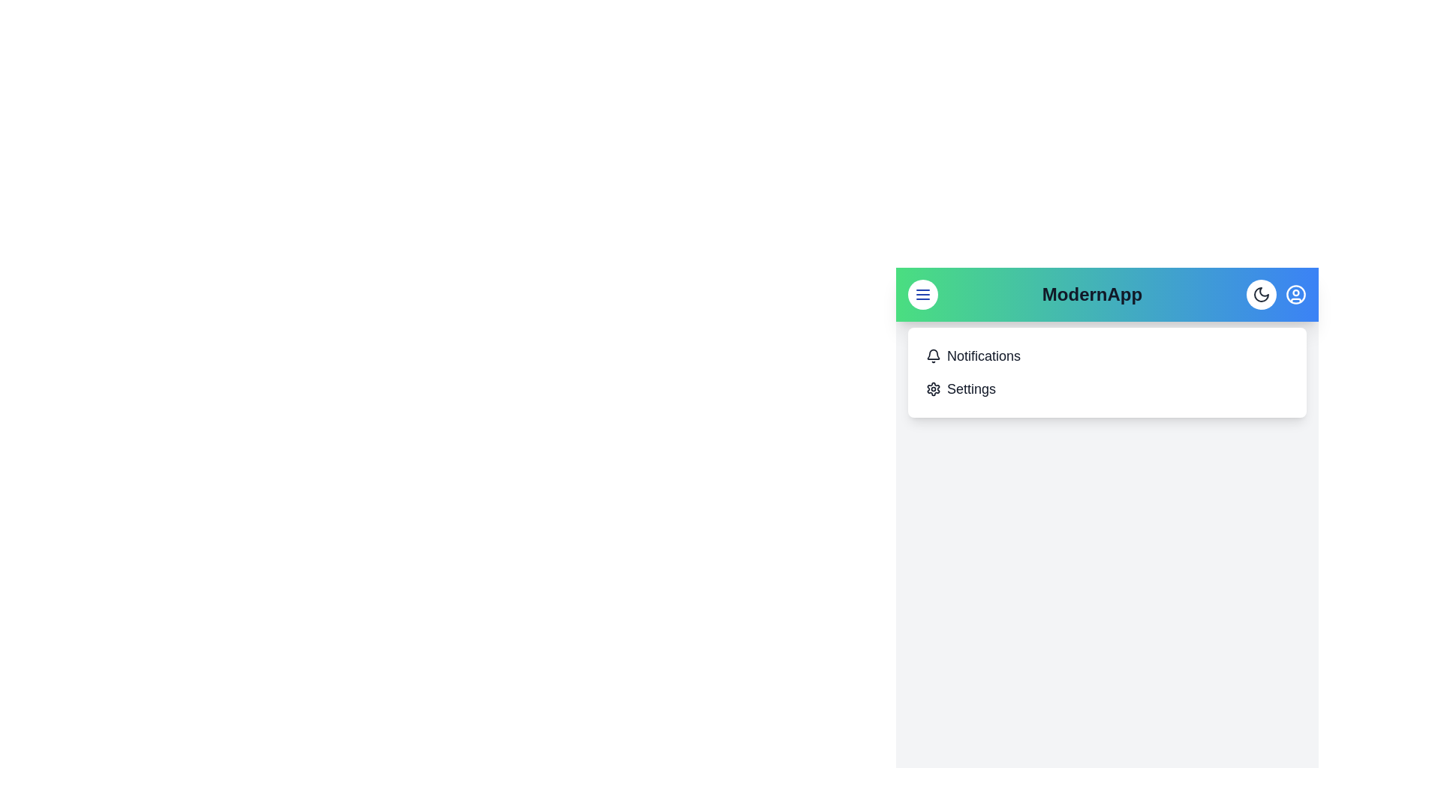 The width and height of the screenshot is (1441, 810). Describe the element at coordinates (971, 388) in the screenshot. I see `the 'Settings' menu item` at that location.